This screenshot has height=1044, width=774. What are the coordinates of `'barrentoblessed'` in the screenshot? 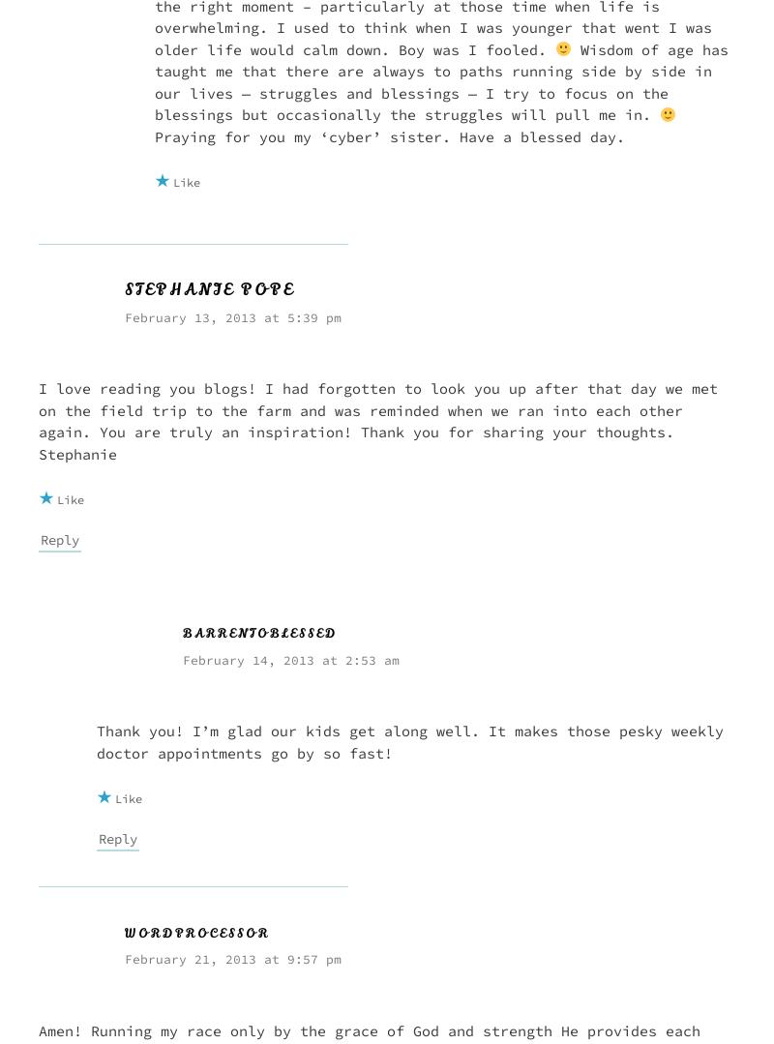 It's located at (181, 632).